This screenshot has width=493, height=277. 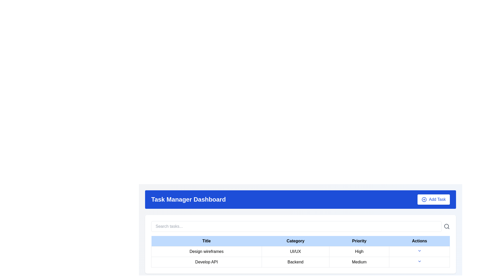 I want to click on the 'Add Task' icon located on the left side of the 'Add Task' button in the top-right corner of the blue header block labeled 'Task Manager Dashboard', so click(x=424, y=199).